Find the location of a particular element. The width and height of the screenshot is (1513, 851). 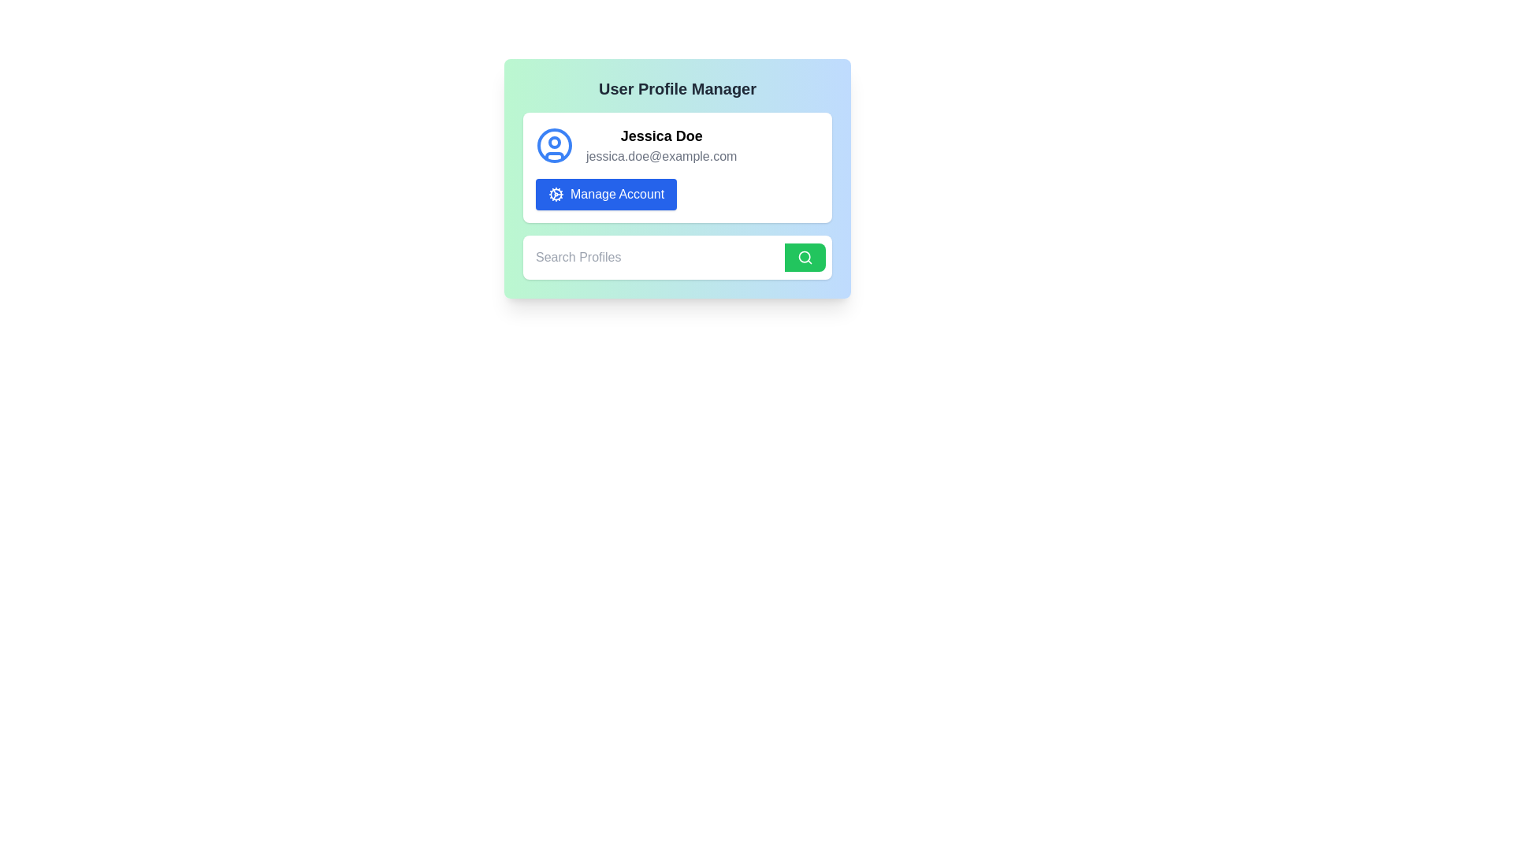

the user identification icon, which is positioned to the far left next to the user's name and email address is located at coordinates (555, 146).